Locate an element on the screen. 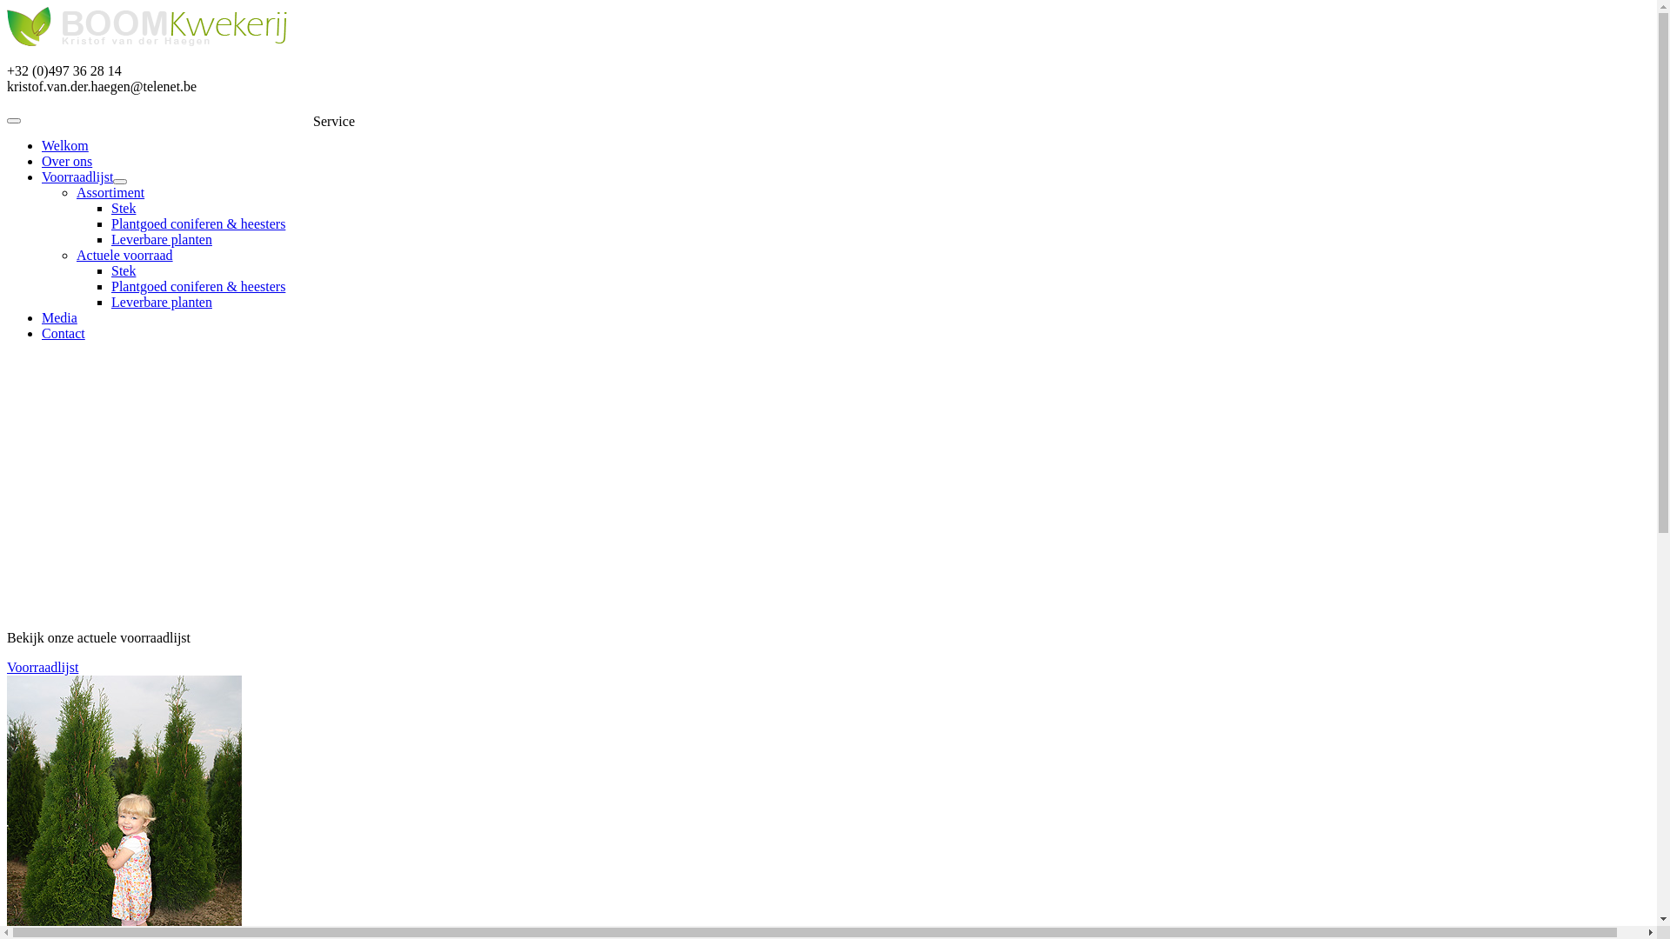 Image resolution: width=1670 pixels, height=939 pixels. 'Plantgoed coniferen & heesters' is located at coordinates (197, 285).